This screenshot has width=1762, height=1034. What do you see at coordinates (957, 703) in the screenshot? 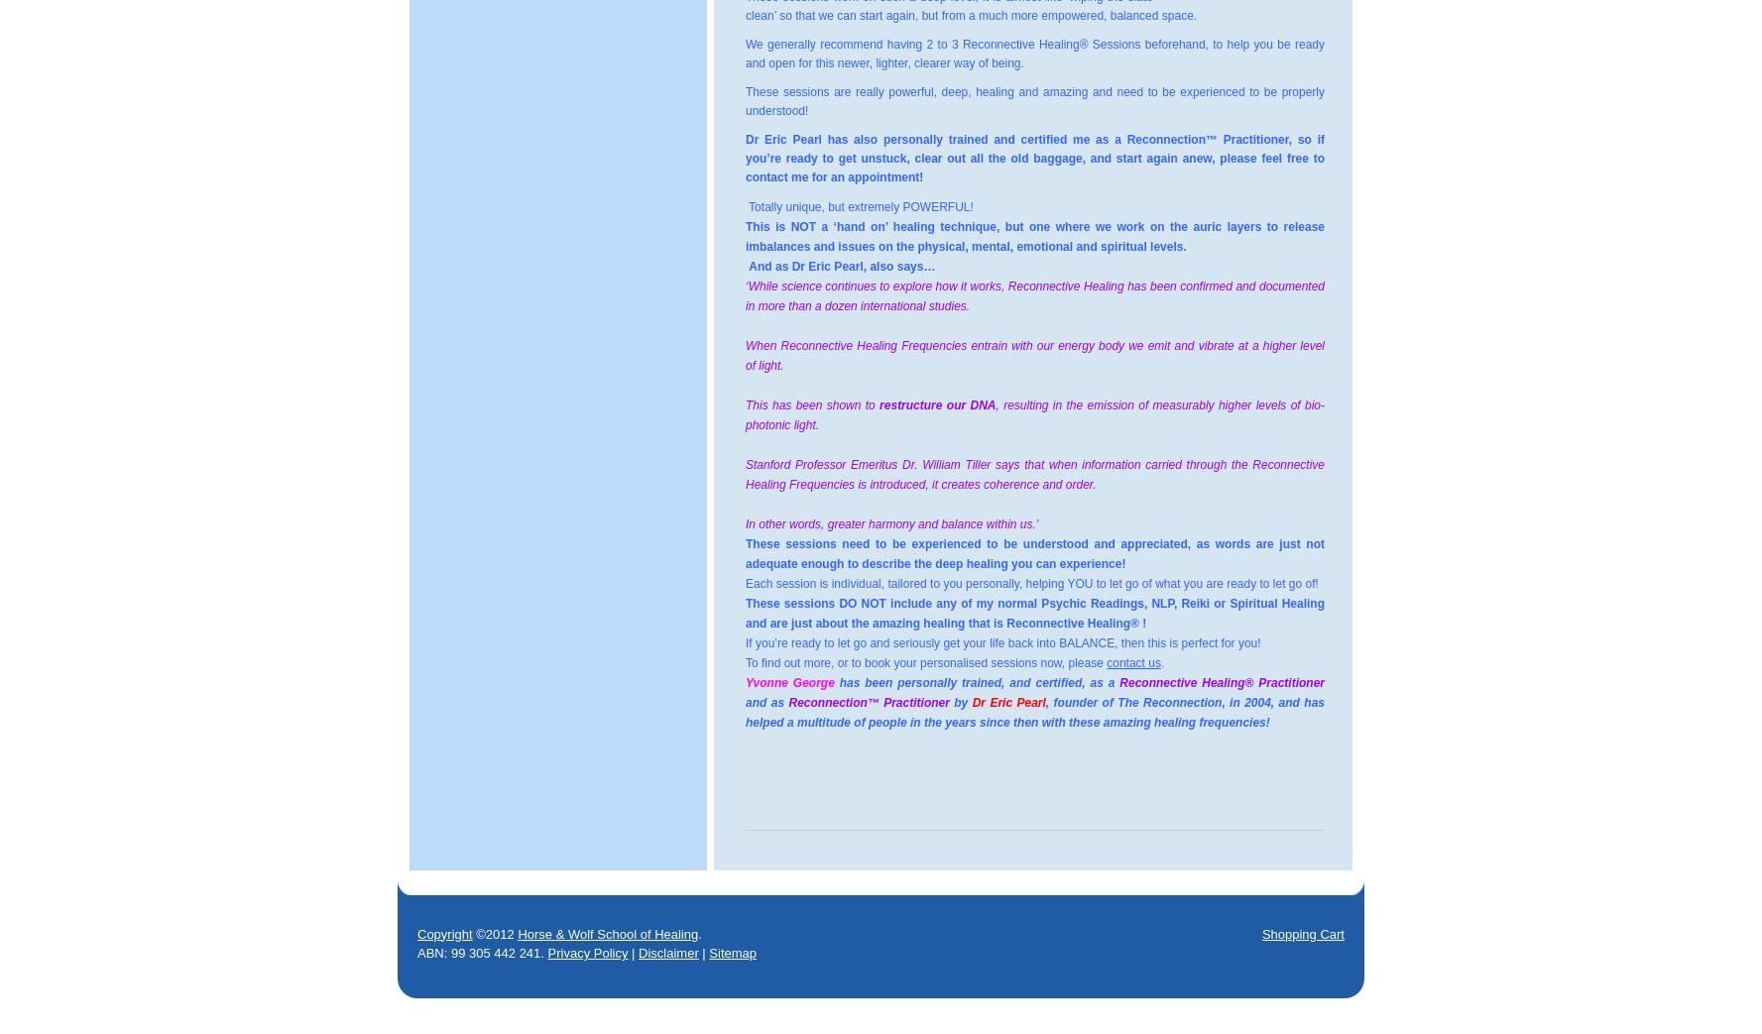
I see `'by'` at bounding box center [957, 703].